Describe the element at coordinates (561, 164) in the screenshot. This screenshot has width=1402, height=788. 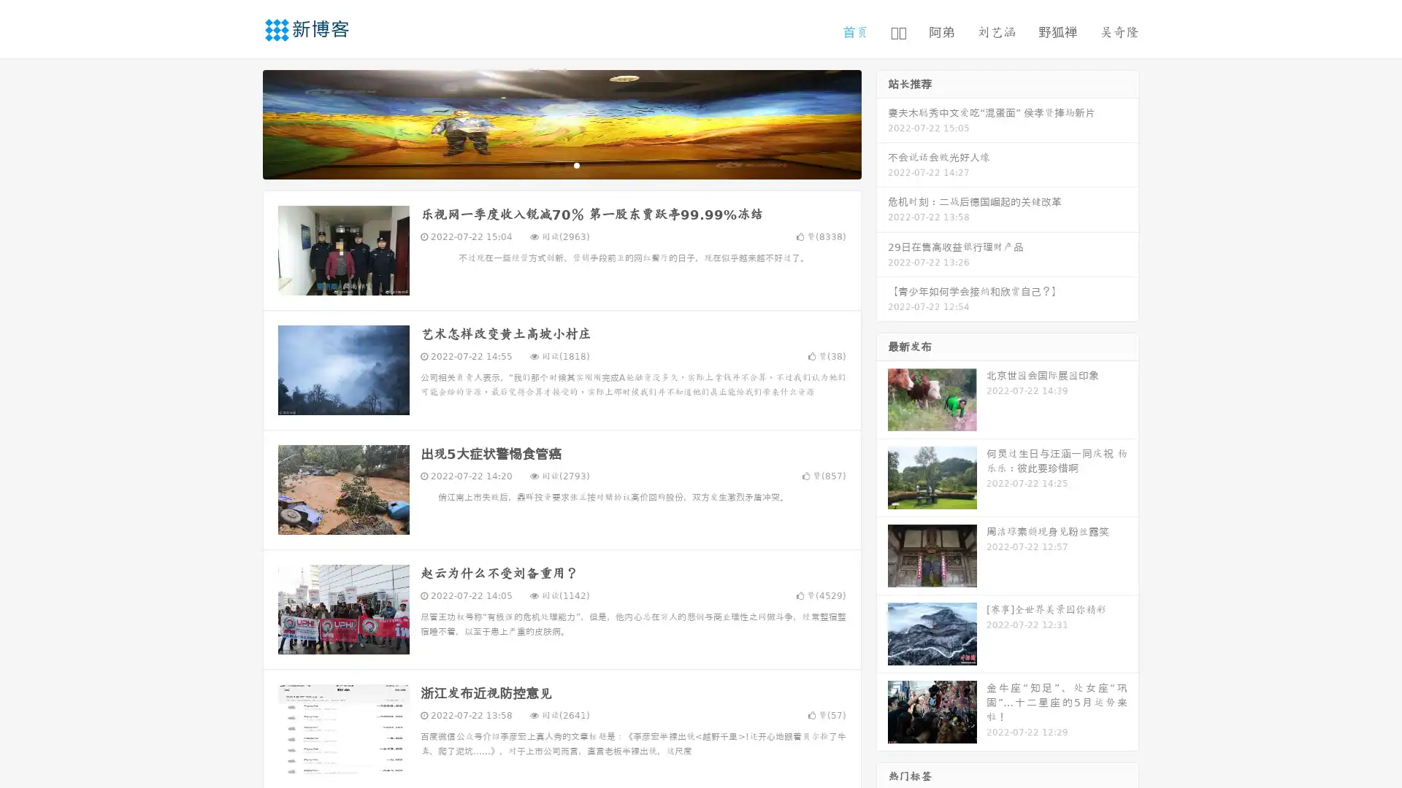
I see `Go to slide 2` at that location.